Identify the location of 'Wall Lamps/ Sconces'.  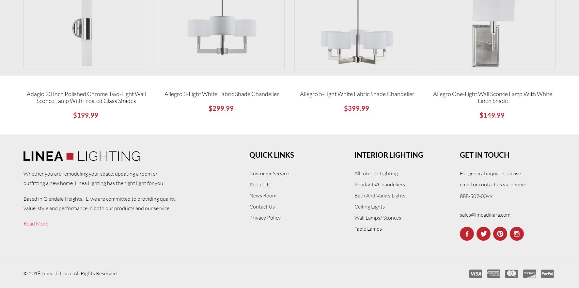
(378, 217).